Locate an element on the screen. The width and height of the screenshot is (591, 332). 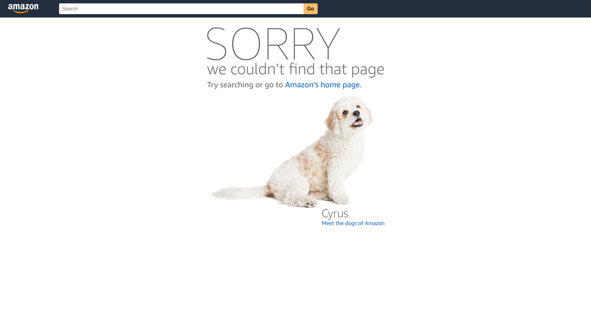
'Go' is located at coordinates (310, 9).